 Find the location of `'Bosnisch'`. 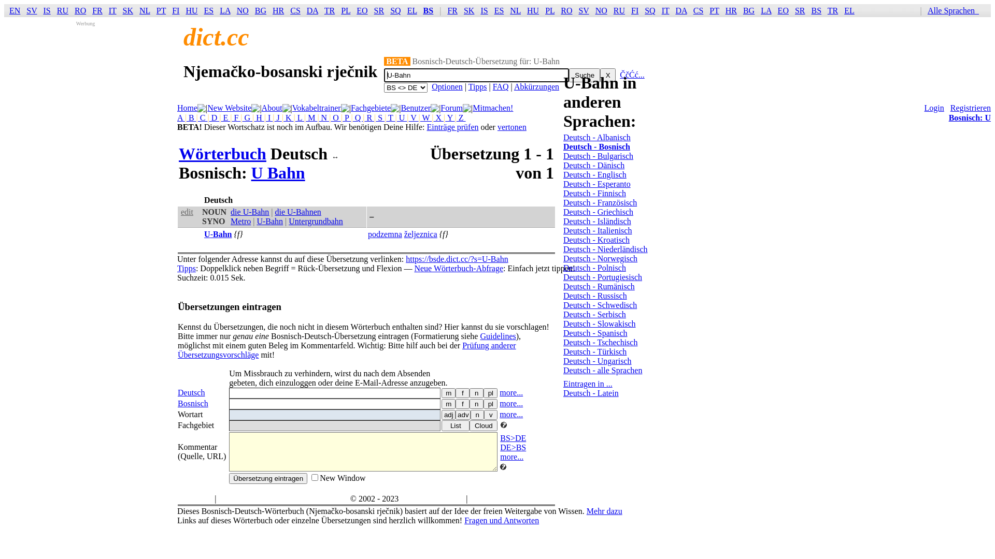

'Bosnisch' is located at coordinates (193, 403).